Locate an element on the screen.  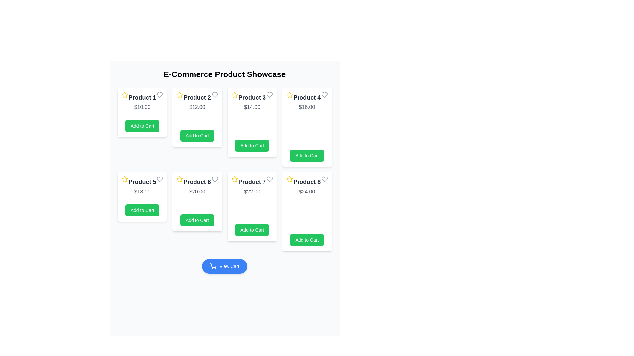
the Text display that shows the price for 'Product 3', located in the third product card, below its title and above the 'Add to Cart' button is located at coordinates (252, 107).